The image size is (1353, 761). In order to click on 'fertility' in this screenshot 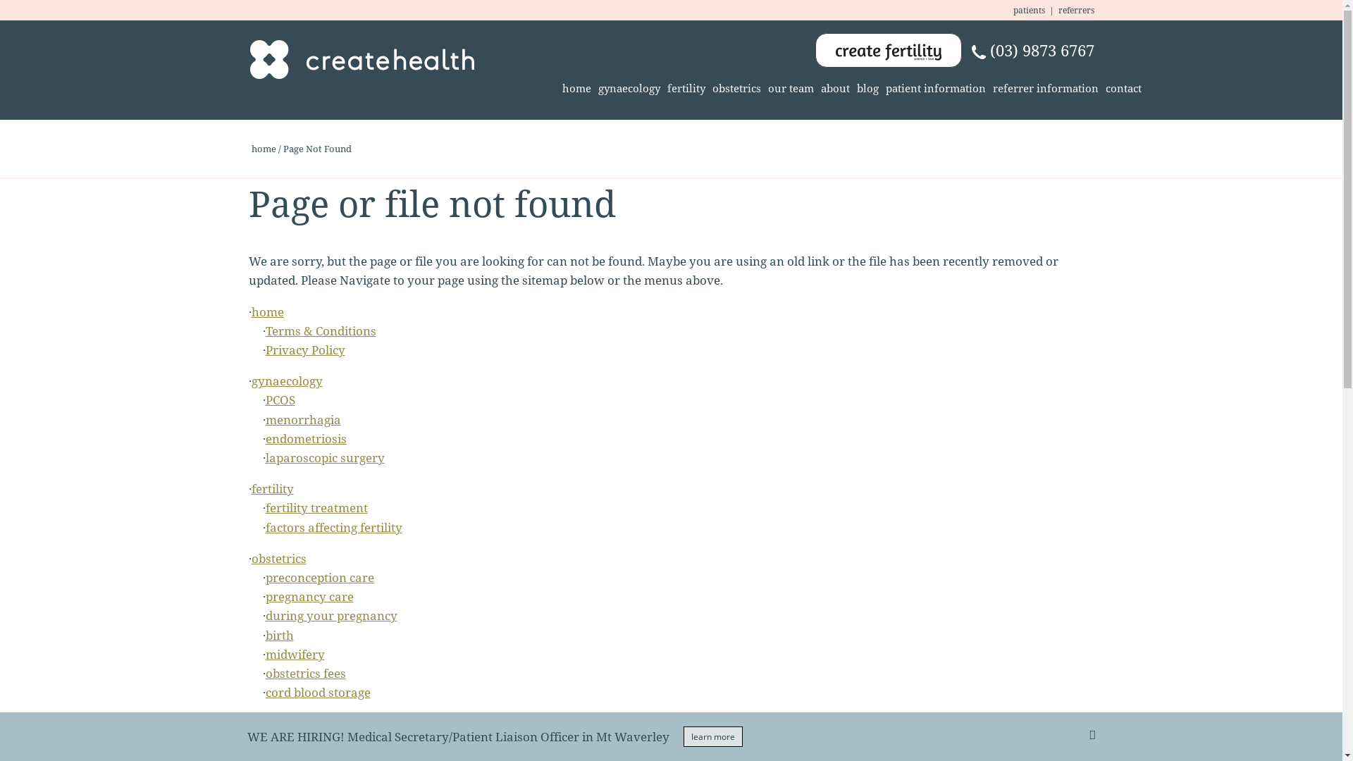, I will do `click(271, 488)`.